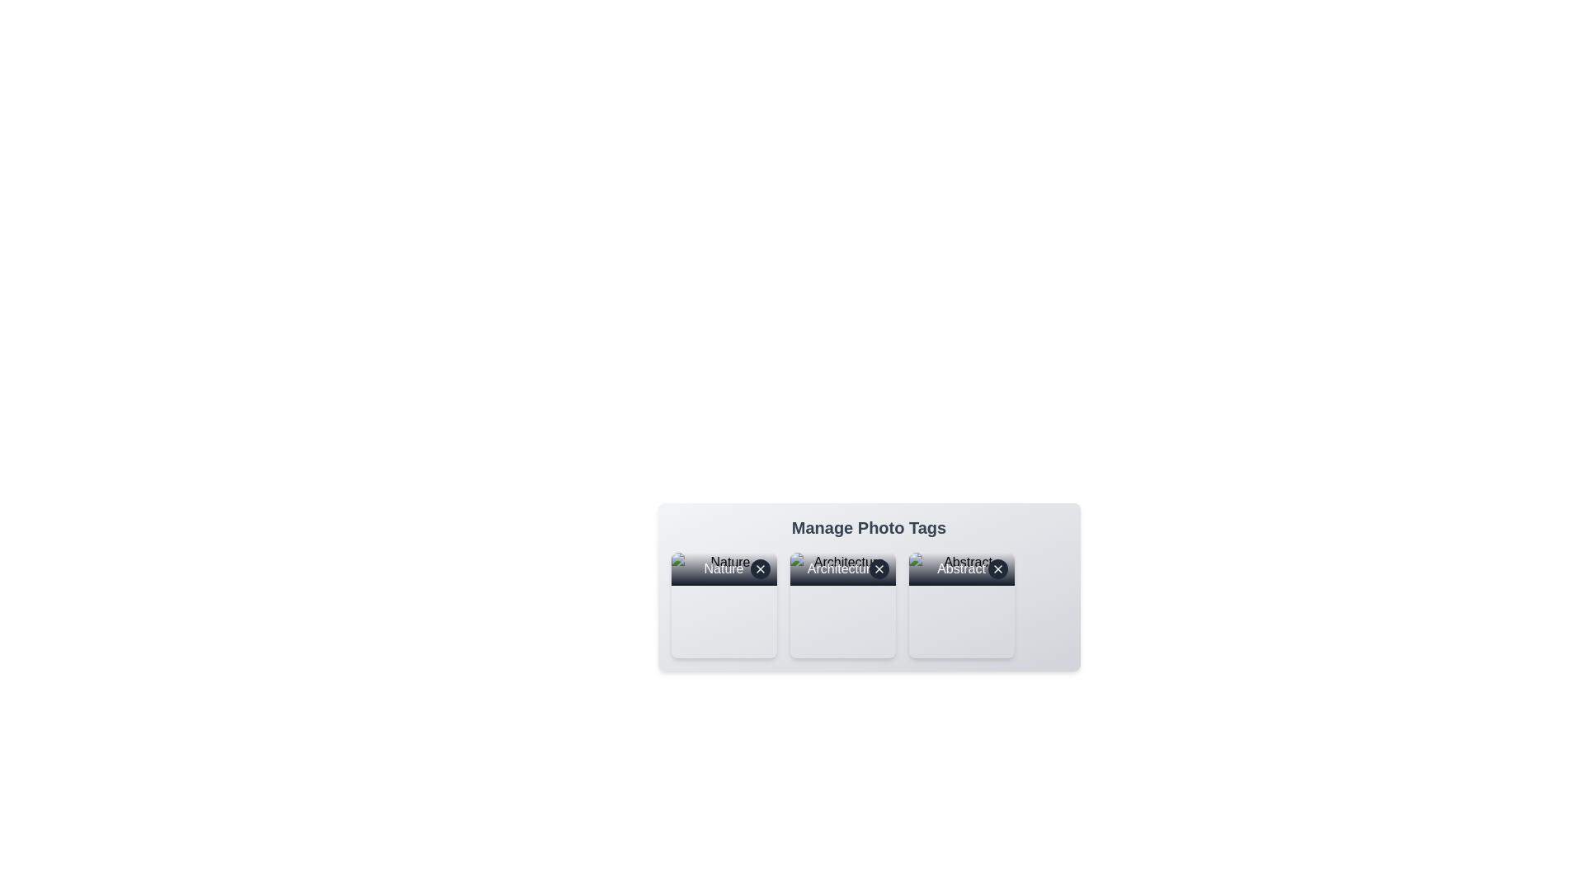  What do you see at coordinates (961, 605) in the screenshot?
I see `the tag Abstract to view its associated images` at bounding box center [961, 605].